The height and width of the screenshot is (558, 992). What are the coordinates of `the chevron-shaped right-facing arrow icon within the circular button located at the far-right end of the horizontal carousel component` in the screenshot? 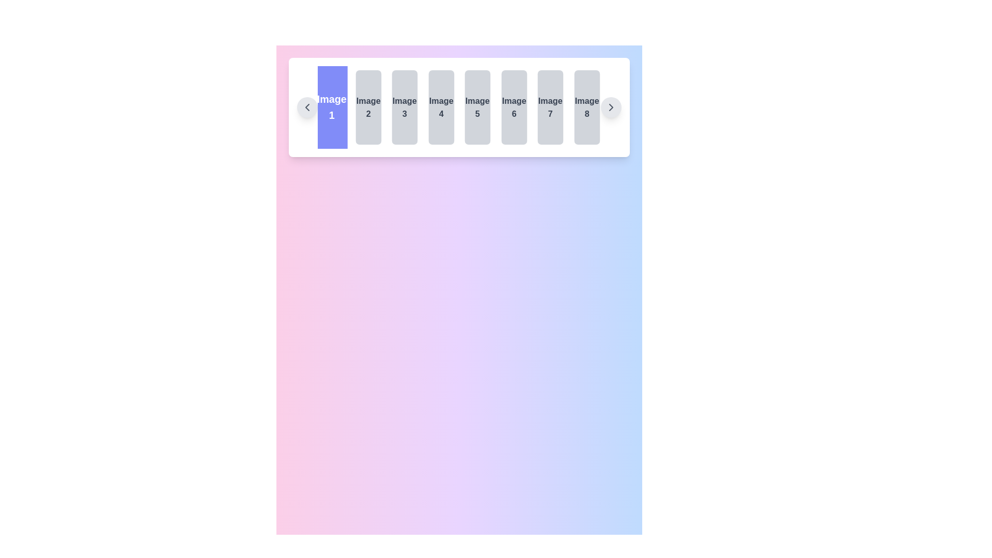 It's located at (611, 107).